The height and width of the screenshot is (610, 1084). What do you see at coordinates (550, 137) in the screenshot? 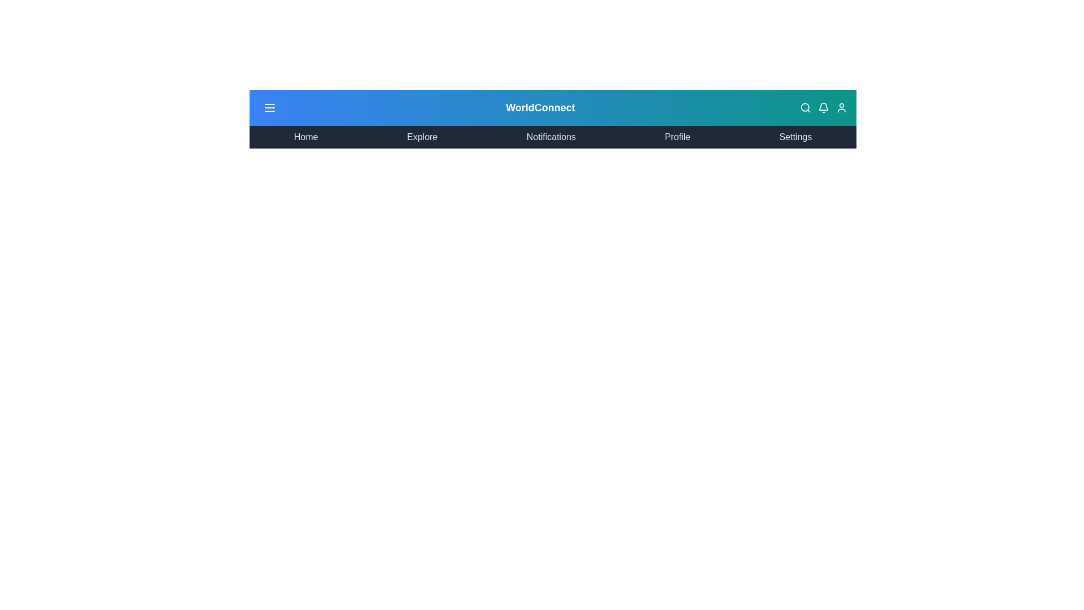
I see `the menu item corresponding to Notifications` at bounding box center [550, 137].